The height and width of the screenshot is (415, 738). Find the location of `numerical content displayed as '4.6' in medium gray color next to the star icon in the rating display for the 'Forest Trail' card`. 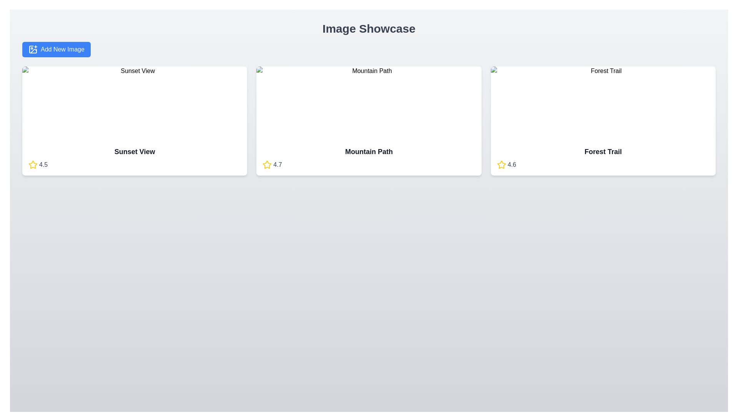

numerical content displayed as '4.6' in medium gray color next to the star icon in the rating display for the 'Forest Trail' card is located at coordinates (512, 164).